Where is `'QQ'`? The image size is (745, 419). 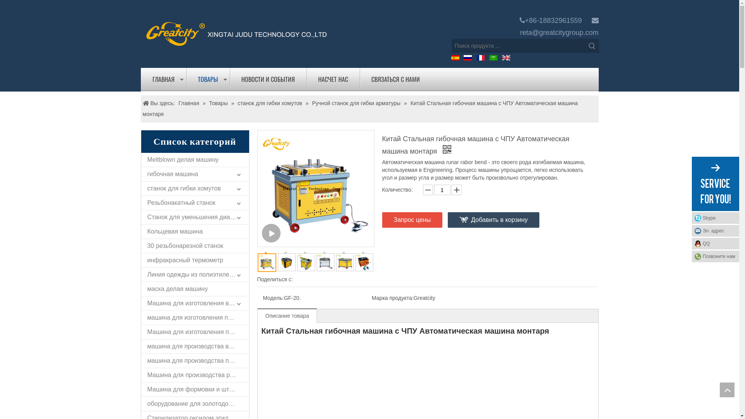 'QQ' is located at coordinates (715, 243).